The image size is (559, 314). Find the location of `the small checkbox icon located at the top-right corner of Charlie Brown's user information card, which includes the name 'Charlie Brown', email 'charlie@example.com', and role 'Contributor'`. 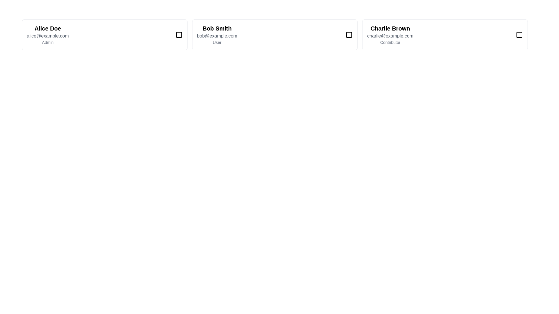

the small checkbox icon located at the top-right corner of Charlie Brown's user information card, which includes the name 'Charlie Brown', email 'charlie@example.com', and role 'Contributor' is located at coordinates (519, 35).